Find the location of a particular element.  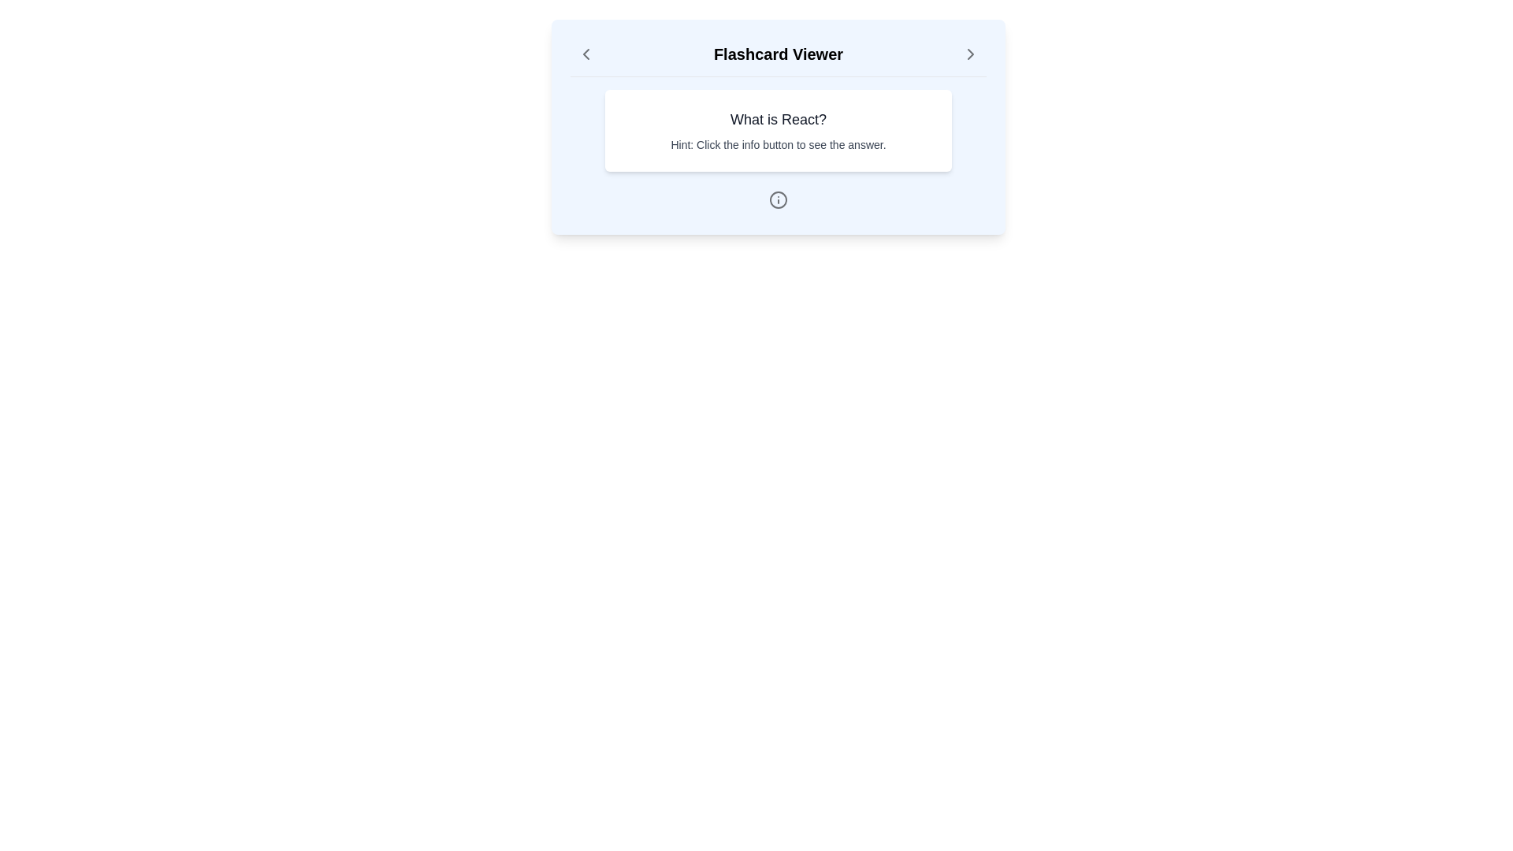

the left-facing chevron icon button located at the far left of the title bar labeled 'Flashcard Viewer' is located at coordinates (585, 54).